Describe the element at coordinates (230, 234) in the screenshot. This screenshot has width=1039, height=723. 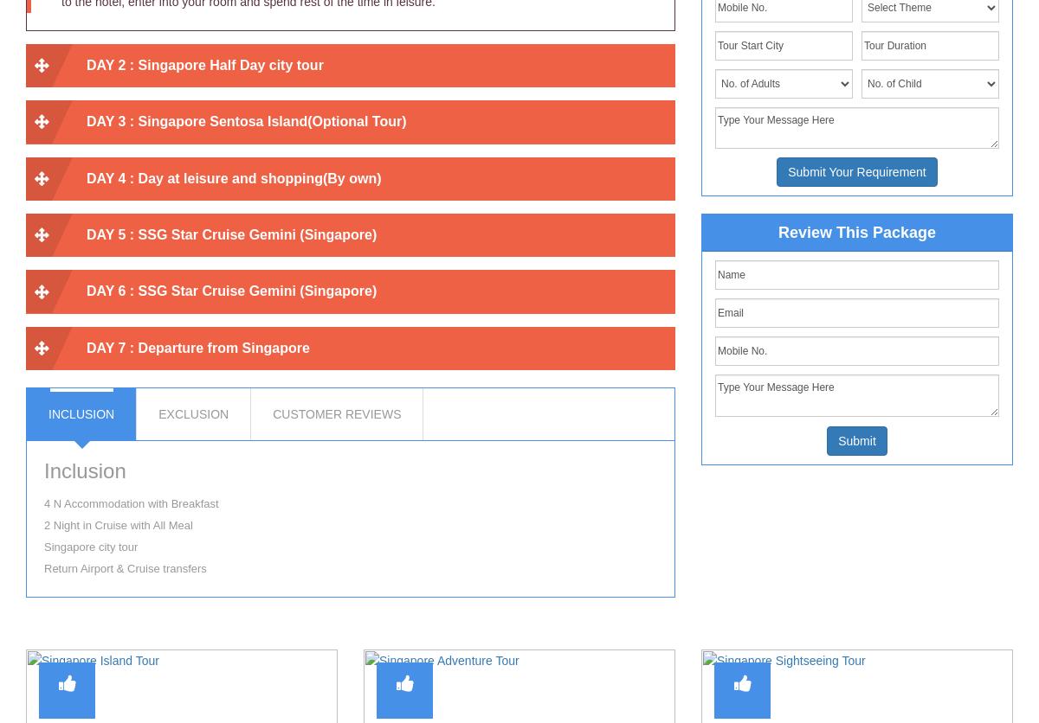
I see `'DAY 5 : SSG Star Cruise Gemini (Singapore)'` at that location.